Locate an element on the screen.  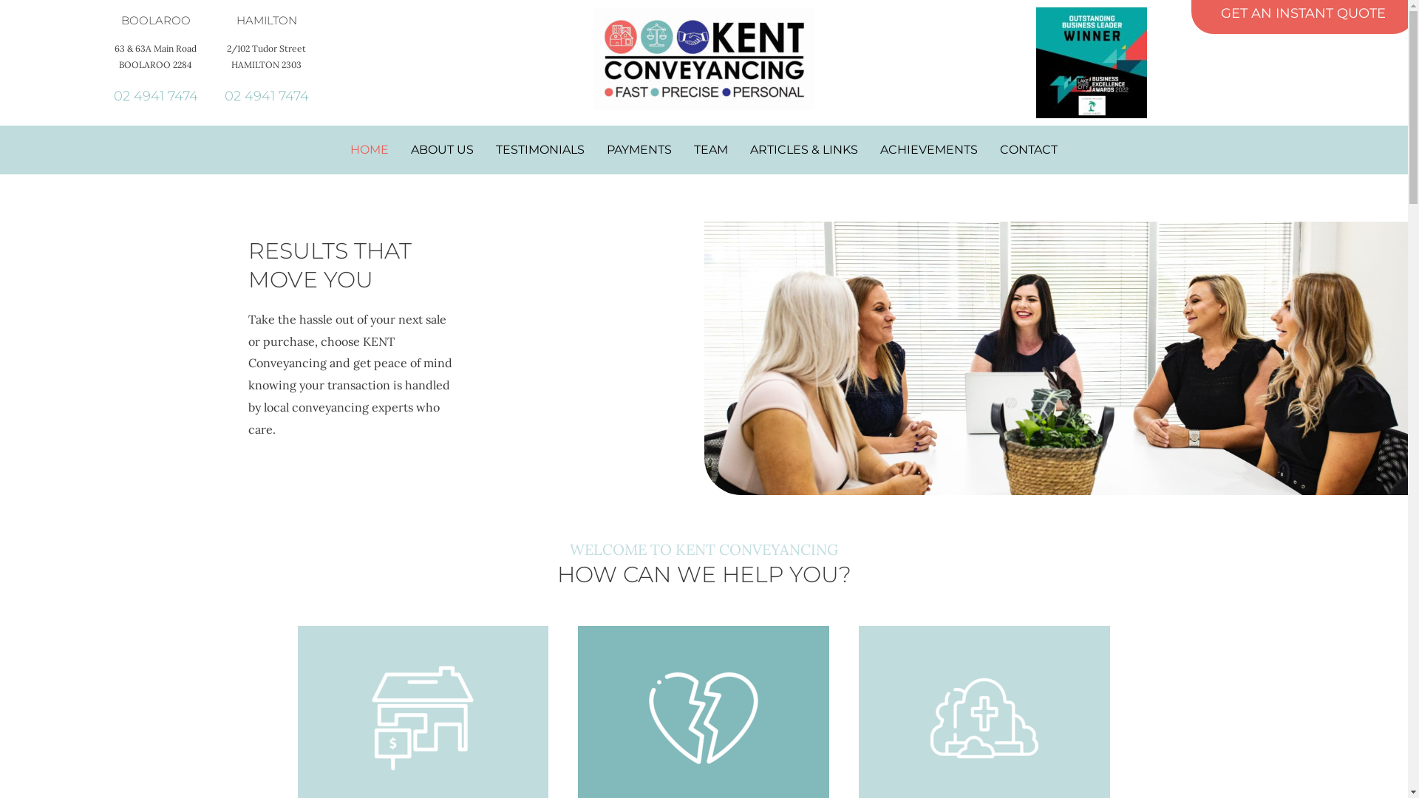
'ARTICLES & LINKS' is located at coordinates (803, 150).